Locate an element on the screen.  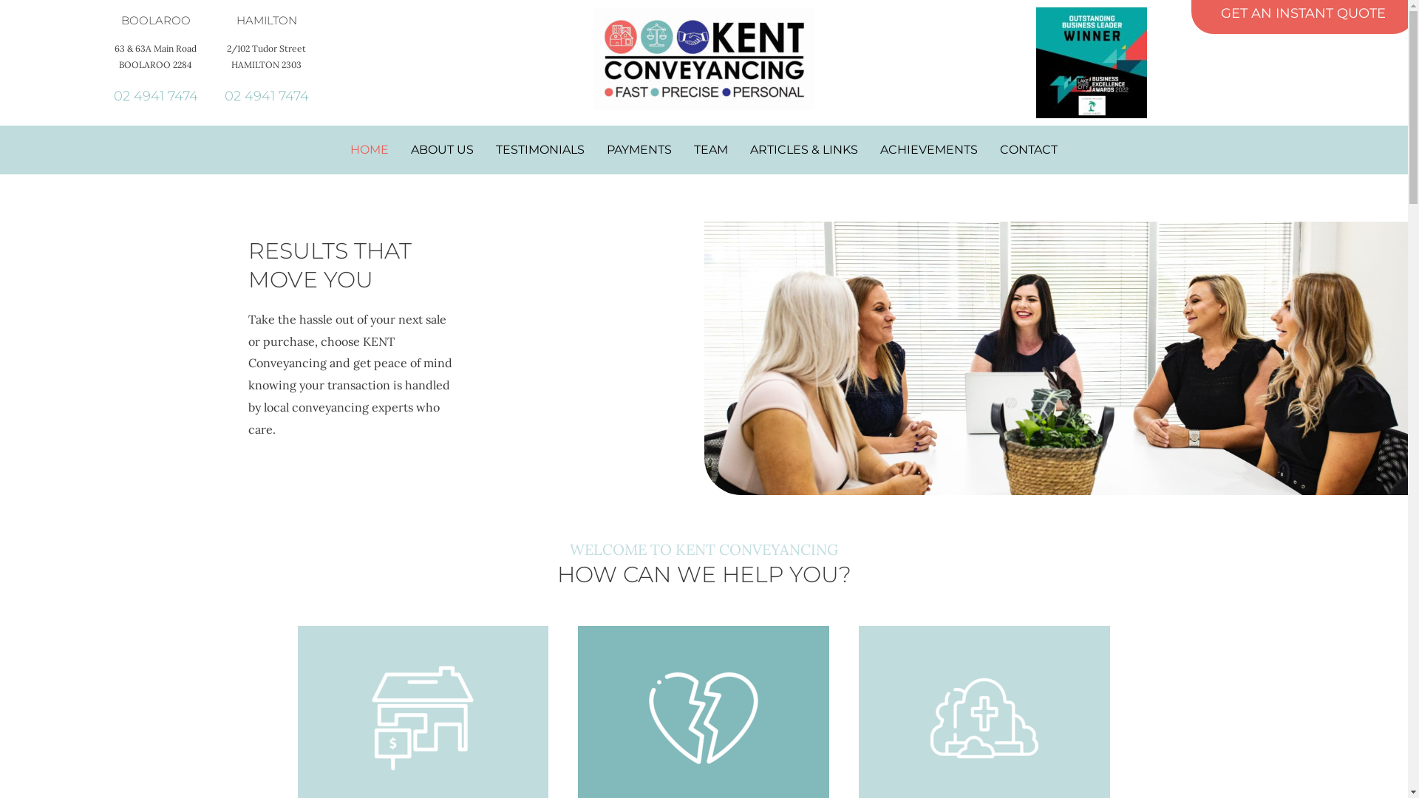
'ARTICLES & LINKS' is located at coordinates (803, 150).